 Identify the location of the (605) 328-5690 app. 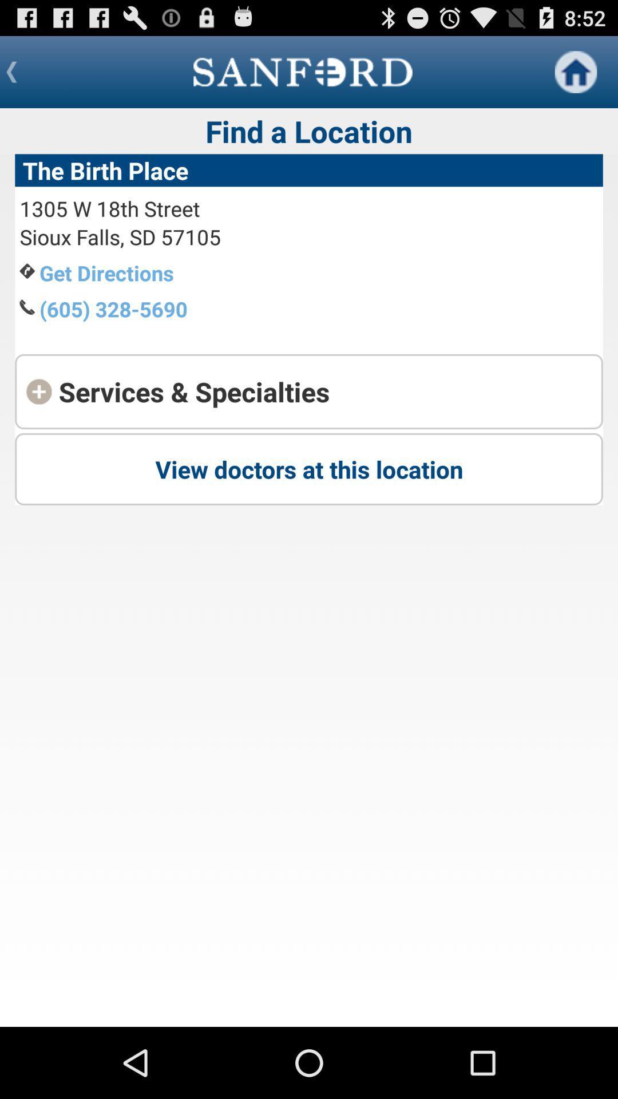
(113, 309).